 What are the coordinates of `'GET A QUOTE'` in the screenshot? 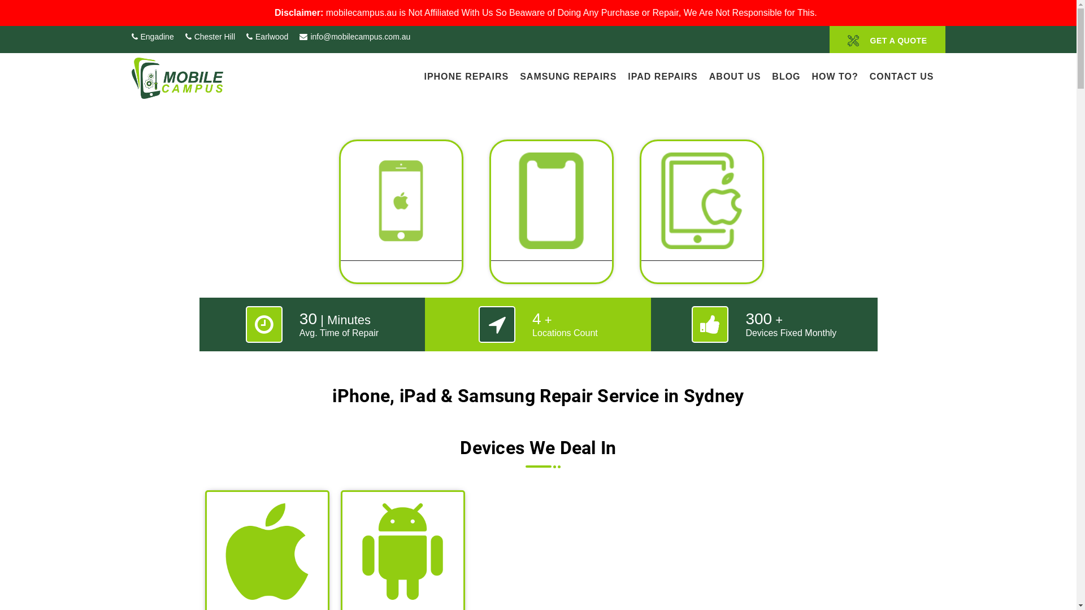 It's located at (887, 38).